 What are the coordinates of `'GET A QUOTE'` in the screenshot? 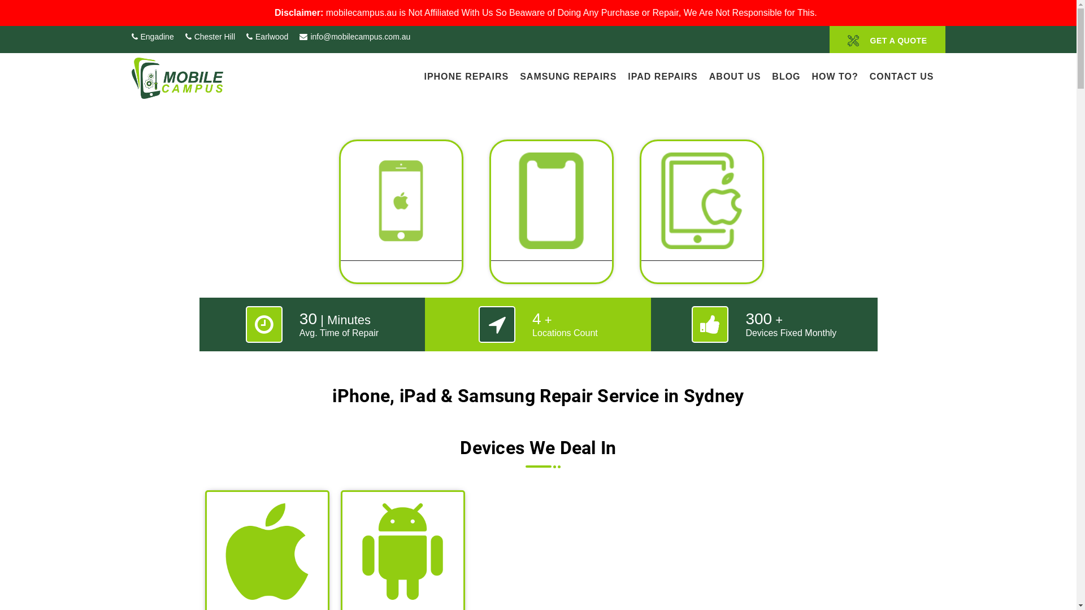 It's located at (887, 38).